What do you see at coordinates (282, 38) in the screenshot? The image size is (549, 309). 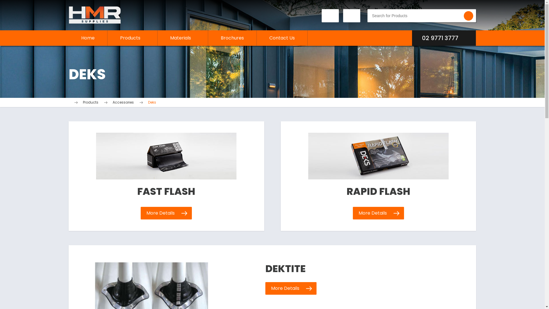 I see `'Contact Us'` at bounding box center [282, 38].